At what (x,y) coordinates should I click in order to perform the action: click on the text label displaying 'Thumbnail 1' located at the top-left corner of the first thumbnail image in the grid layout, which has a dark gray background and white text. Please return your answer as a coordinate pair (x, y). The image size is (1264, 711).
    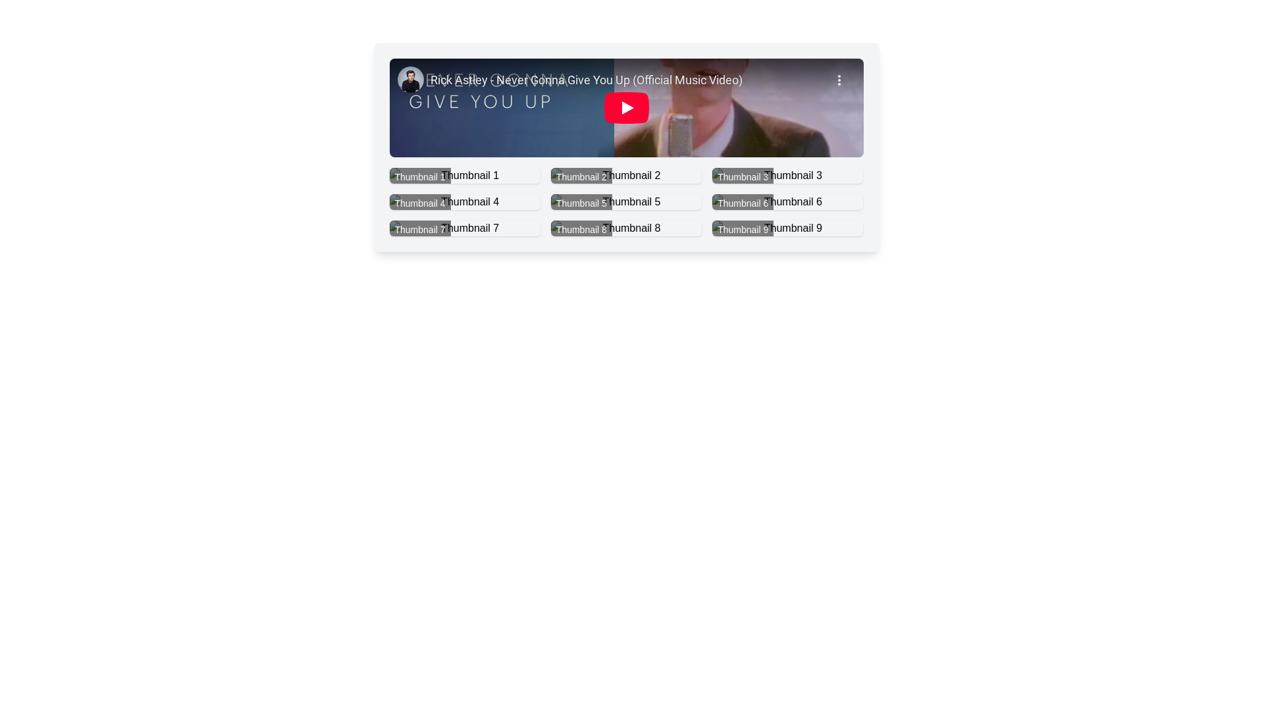
    Looking at the image, I should click on (419, 176).